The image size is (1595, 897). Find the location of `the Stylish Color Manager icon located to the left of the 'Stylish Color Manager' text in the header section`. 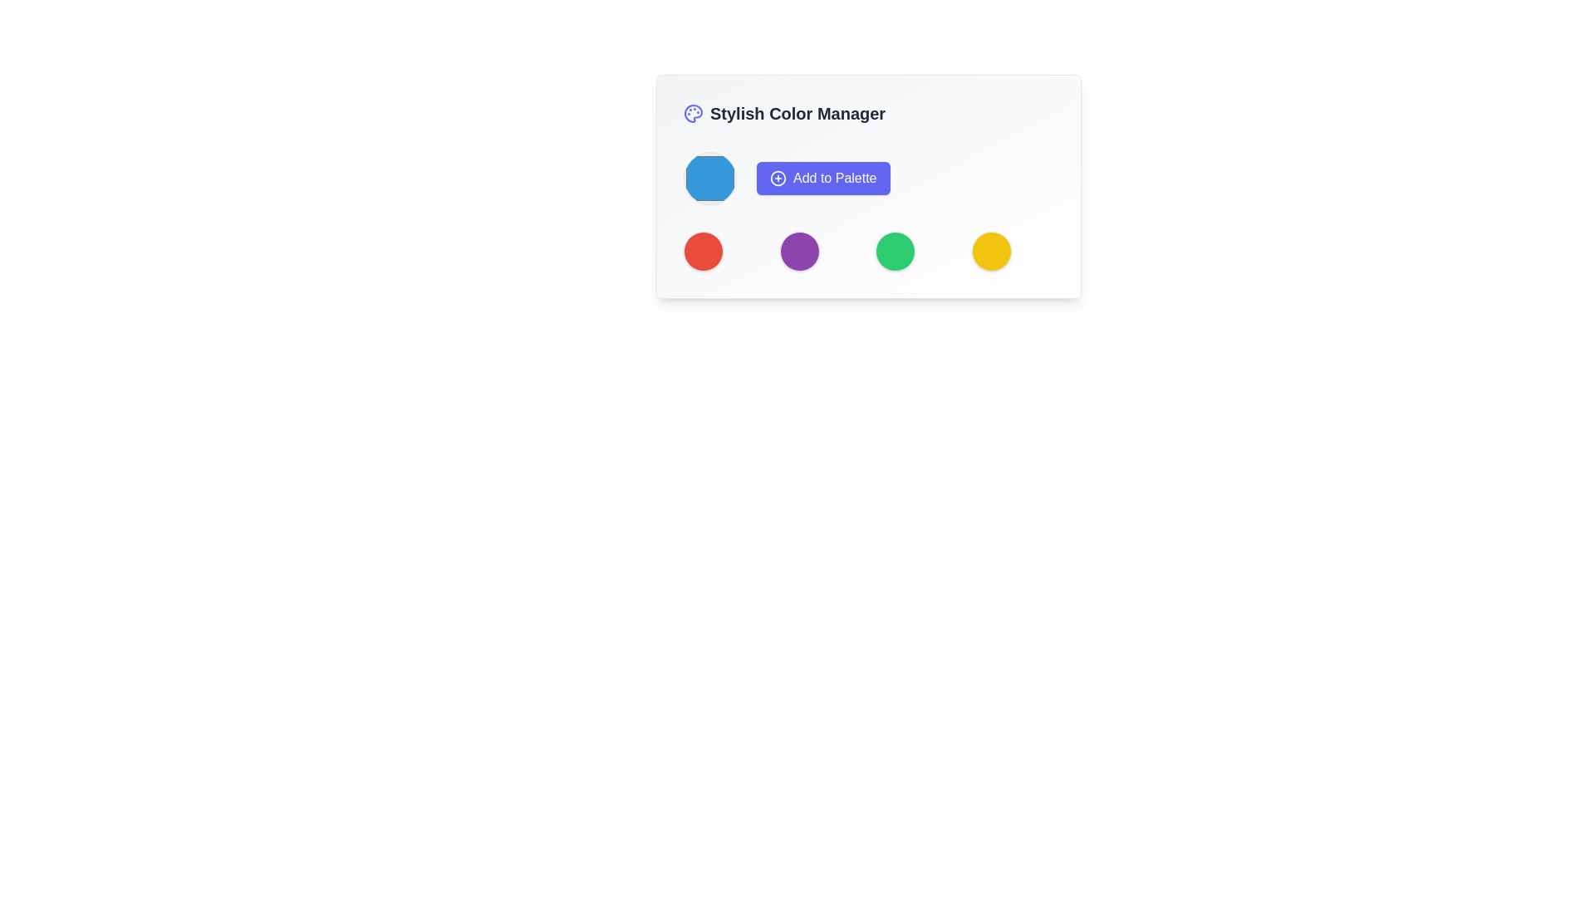

the Stylish Color Manager icon located to the left of the 'Stylish Color Manager' text in the header section is located at coordinates (694, 113).